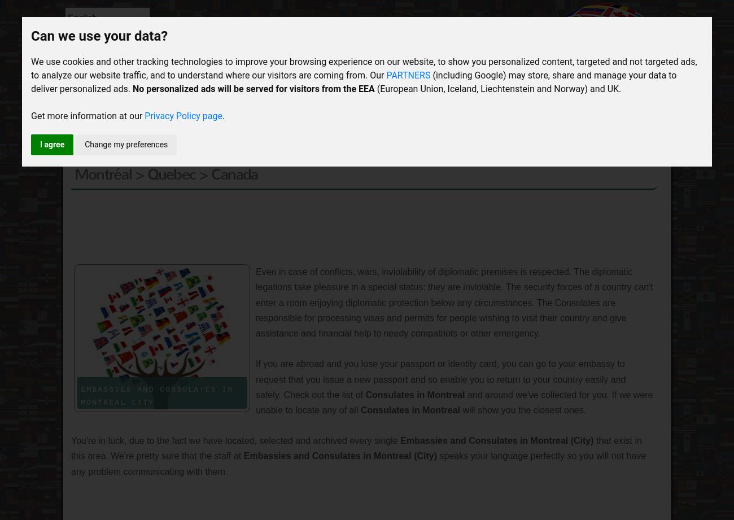  What do you see at coordinates (359, 462) in the screenshot?
I see `'speaks your language perfectly so you will not have any problem communicating with them.'` at bounding box center [359, 462].